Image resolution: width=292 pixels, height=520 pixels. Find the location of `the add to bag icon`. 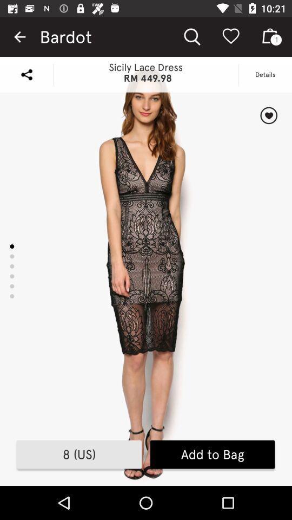

the add to bag icon is located at coordinates (213, 454).